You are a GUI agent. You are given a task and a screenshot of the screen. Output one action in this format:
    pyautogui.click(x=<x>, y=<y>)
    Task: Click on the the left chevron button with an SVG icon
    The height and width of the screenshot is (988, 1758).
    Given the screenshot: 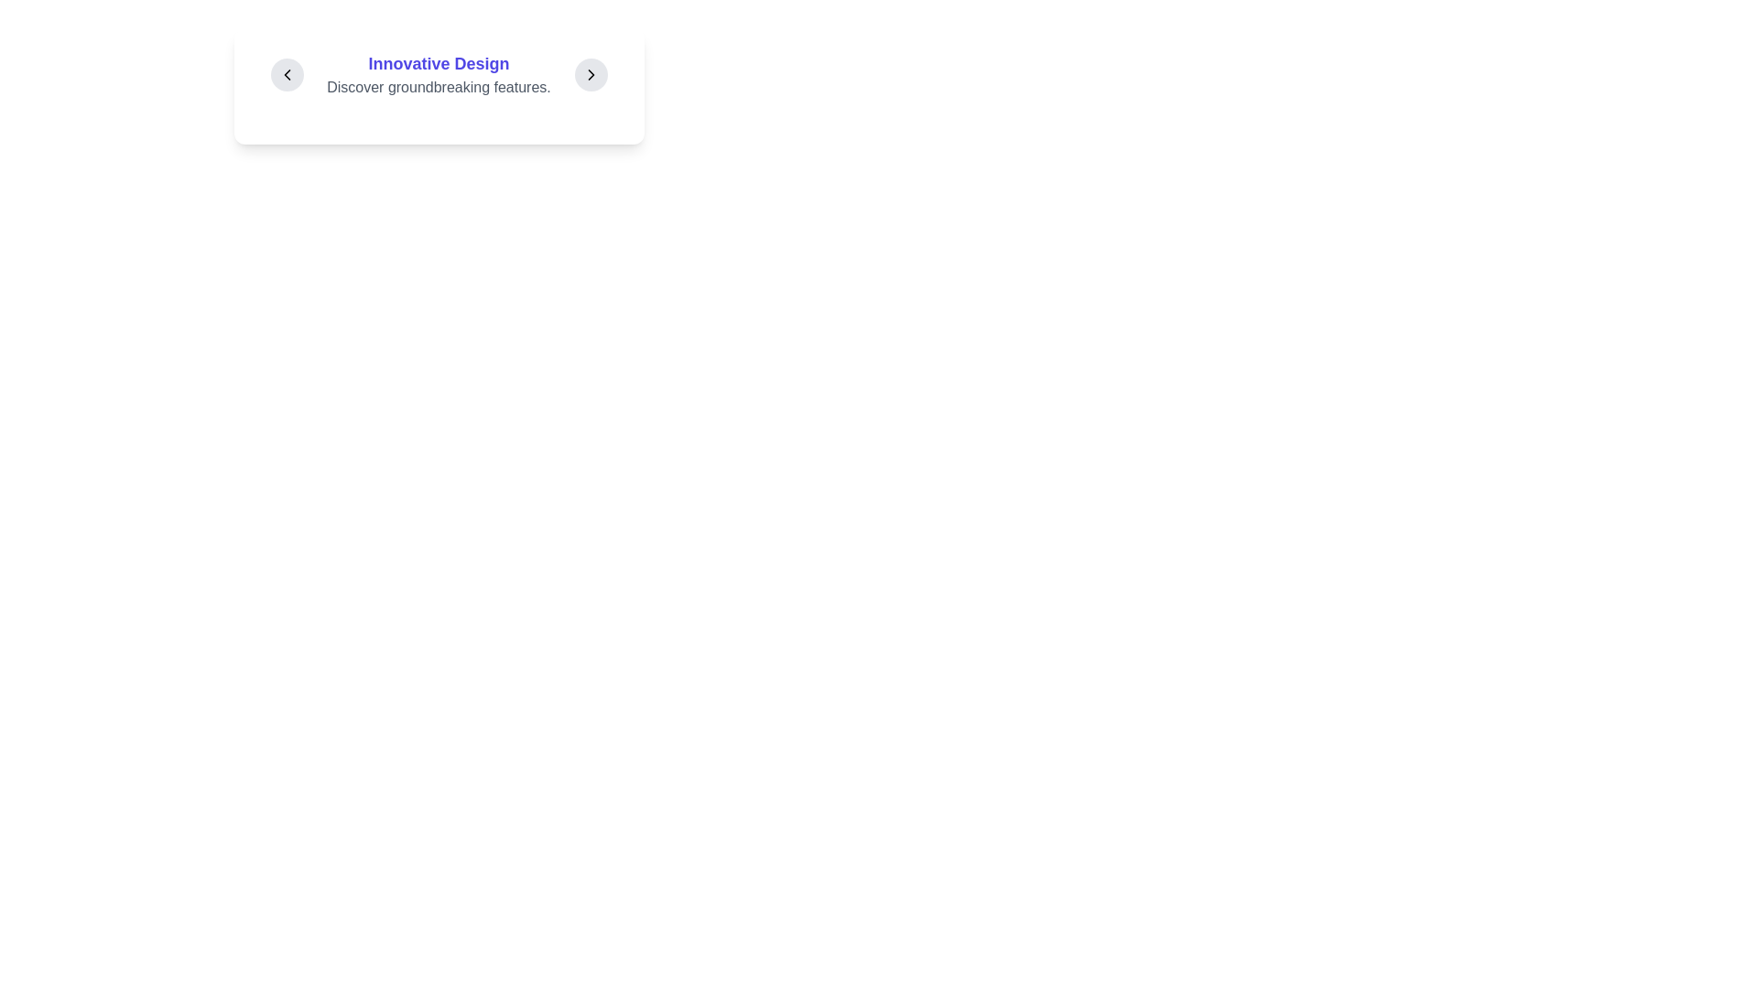 What is the action you would take?
    pyautogui.click(x=286, y=73)
    